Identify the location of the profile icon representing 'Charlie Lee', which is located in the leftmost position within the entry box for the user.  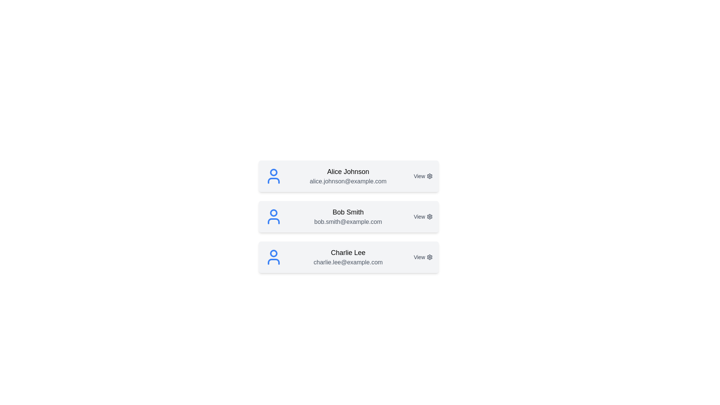
(273, 257).